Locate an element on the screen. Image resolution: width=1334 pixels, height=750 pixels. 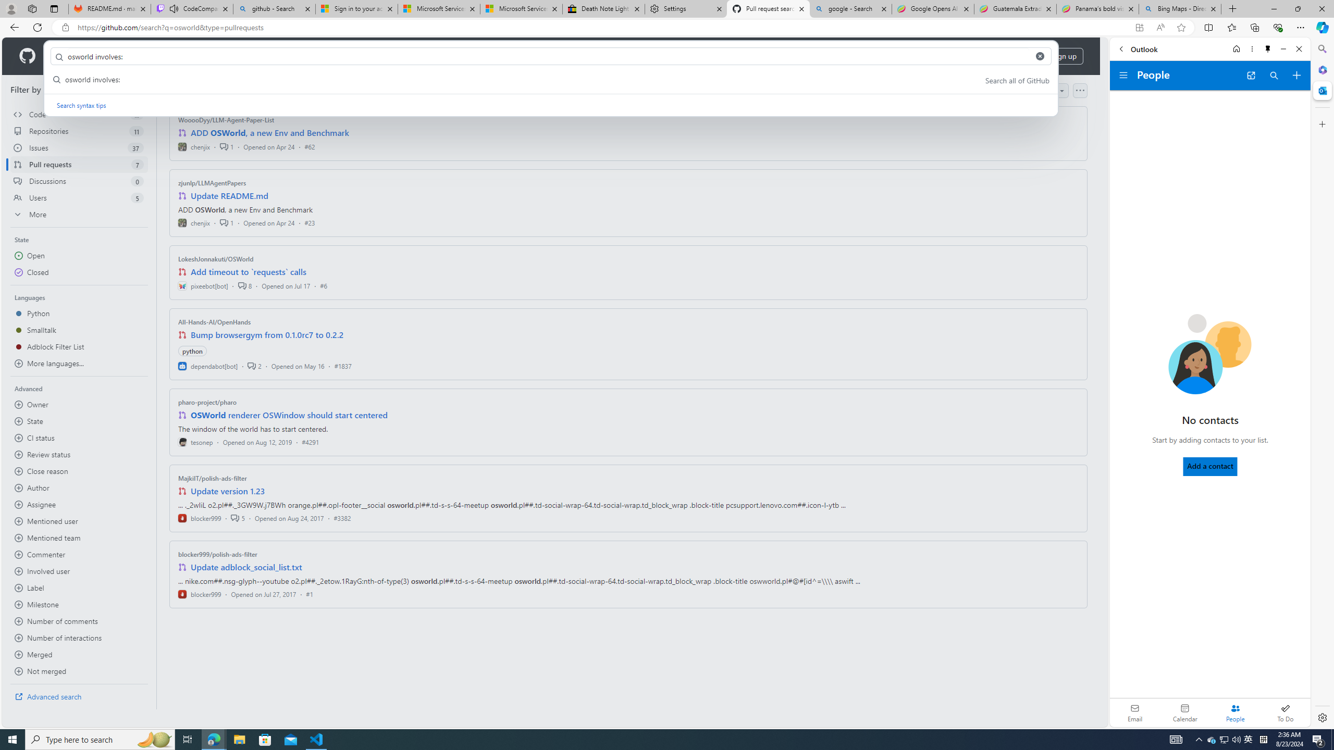
'Open column options' is located at coordinates (1079, 90).